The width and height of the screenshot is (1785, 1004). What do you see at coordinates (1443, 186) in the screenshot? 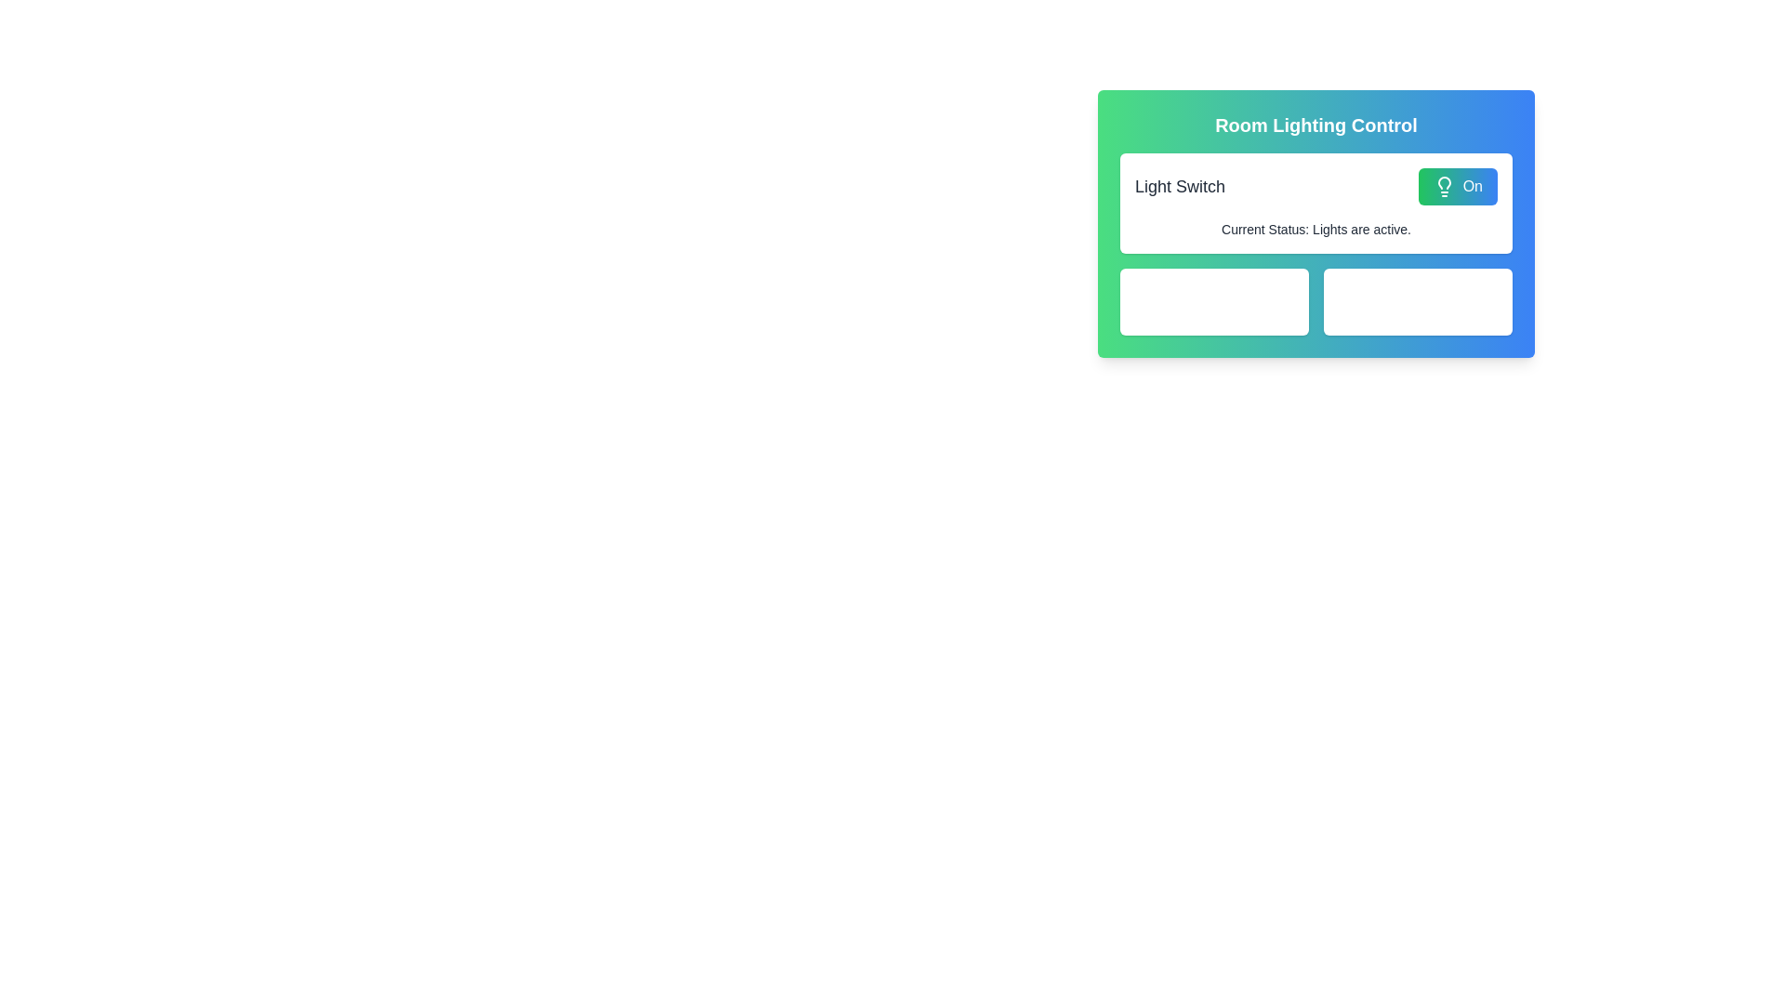
I see `lightbulb icon within the 'On' button in the Room Lighting Control UI using developer tools` at bounding box center [1443, 186].